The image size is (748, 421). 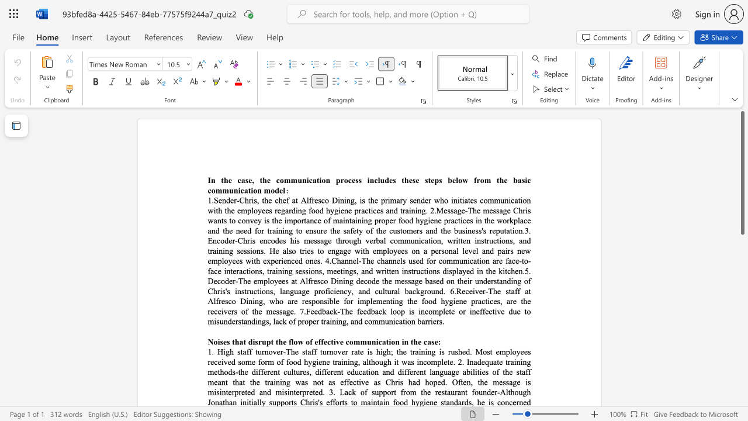 I want to click on the 2th character "t" in the text, so click(x=408, y=301).